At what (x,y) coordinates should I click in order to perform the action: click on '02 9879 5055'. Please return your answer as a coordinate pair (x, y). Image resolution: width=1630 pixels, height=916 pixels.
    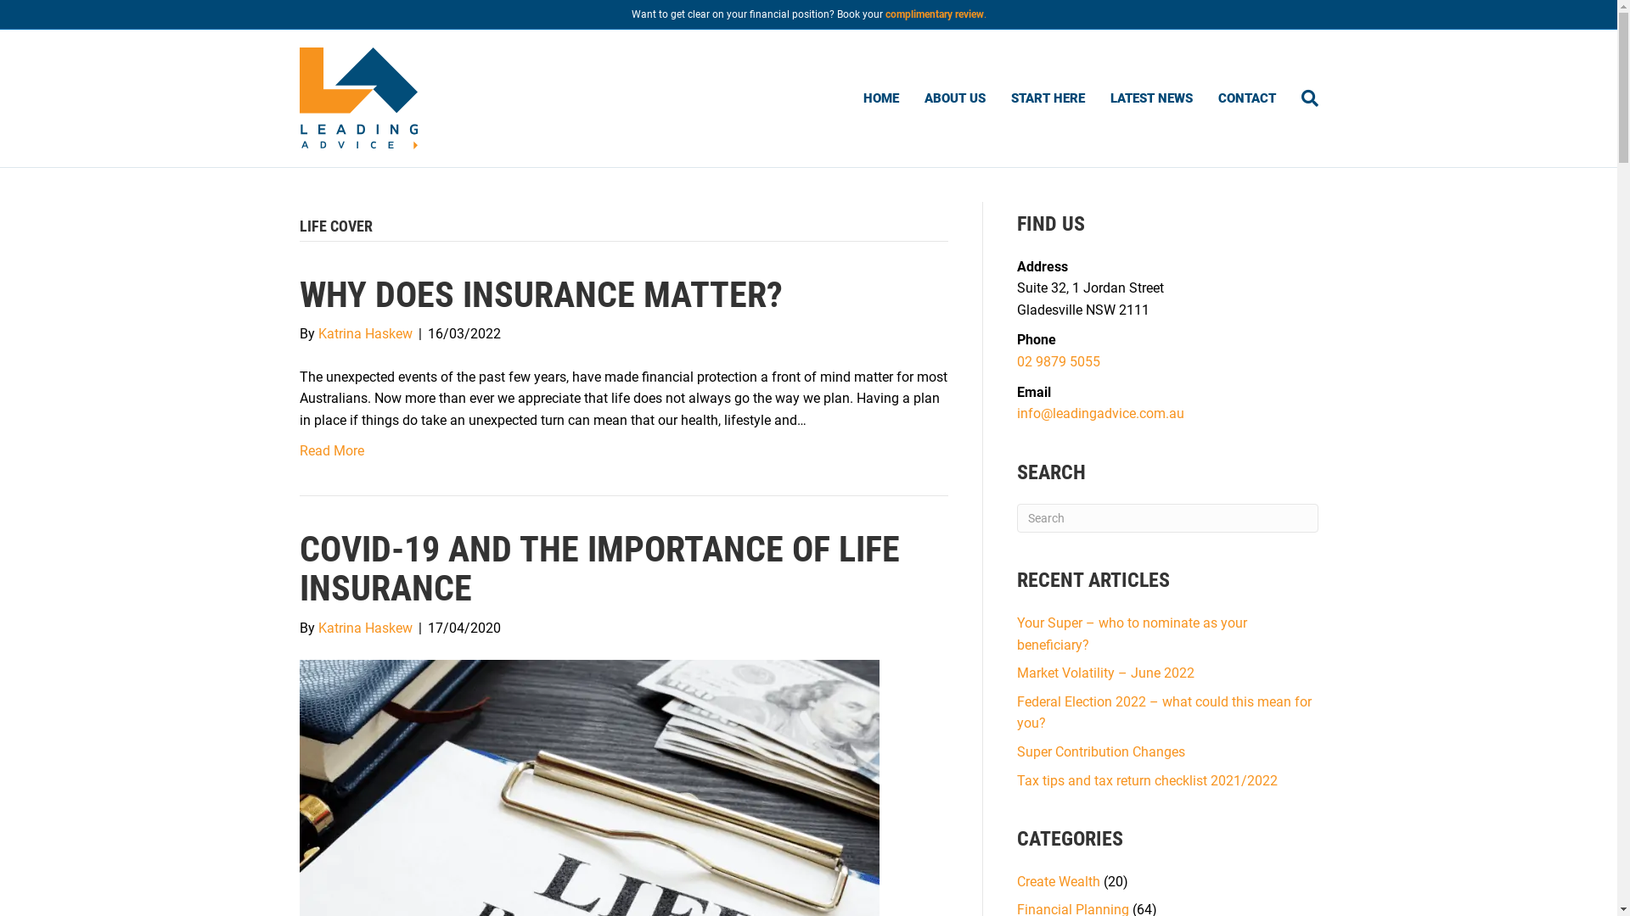
    Looking at the image, I should click on (1058, 360).